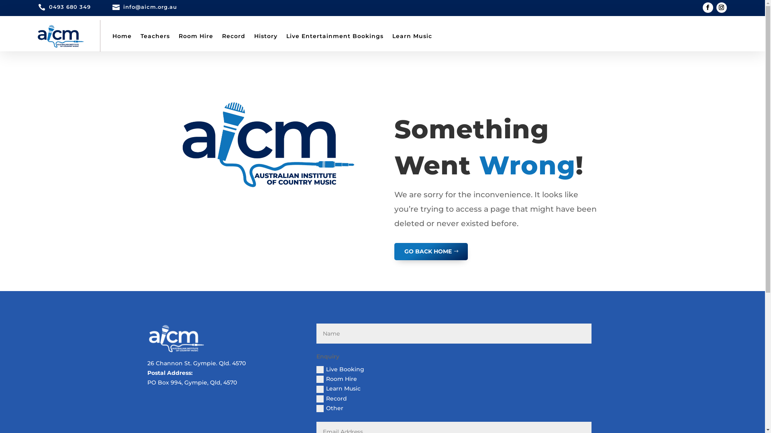  I want to click on 'Learn Music', so click(412, 35).